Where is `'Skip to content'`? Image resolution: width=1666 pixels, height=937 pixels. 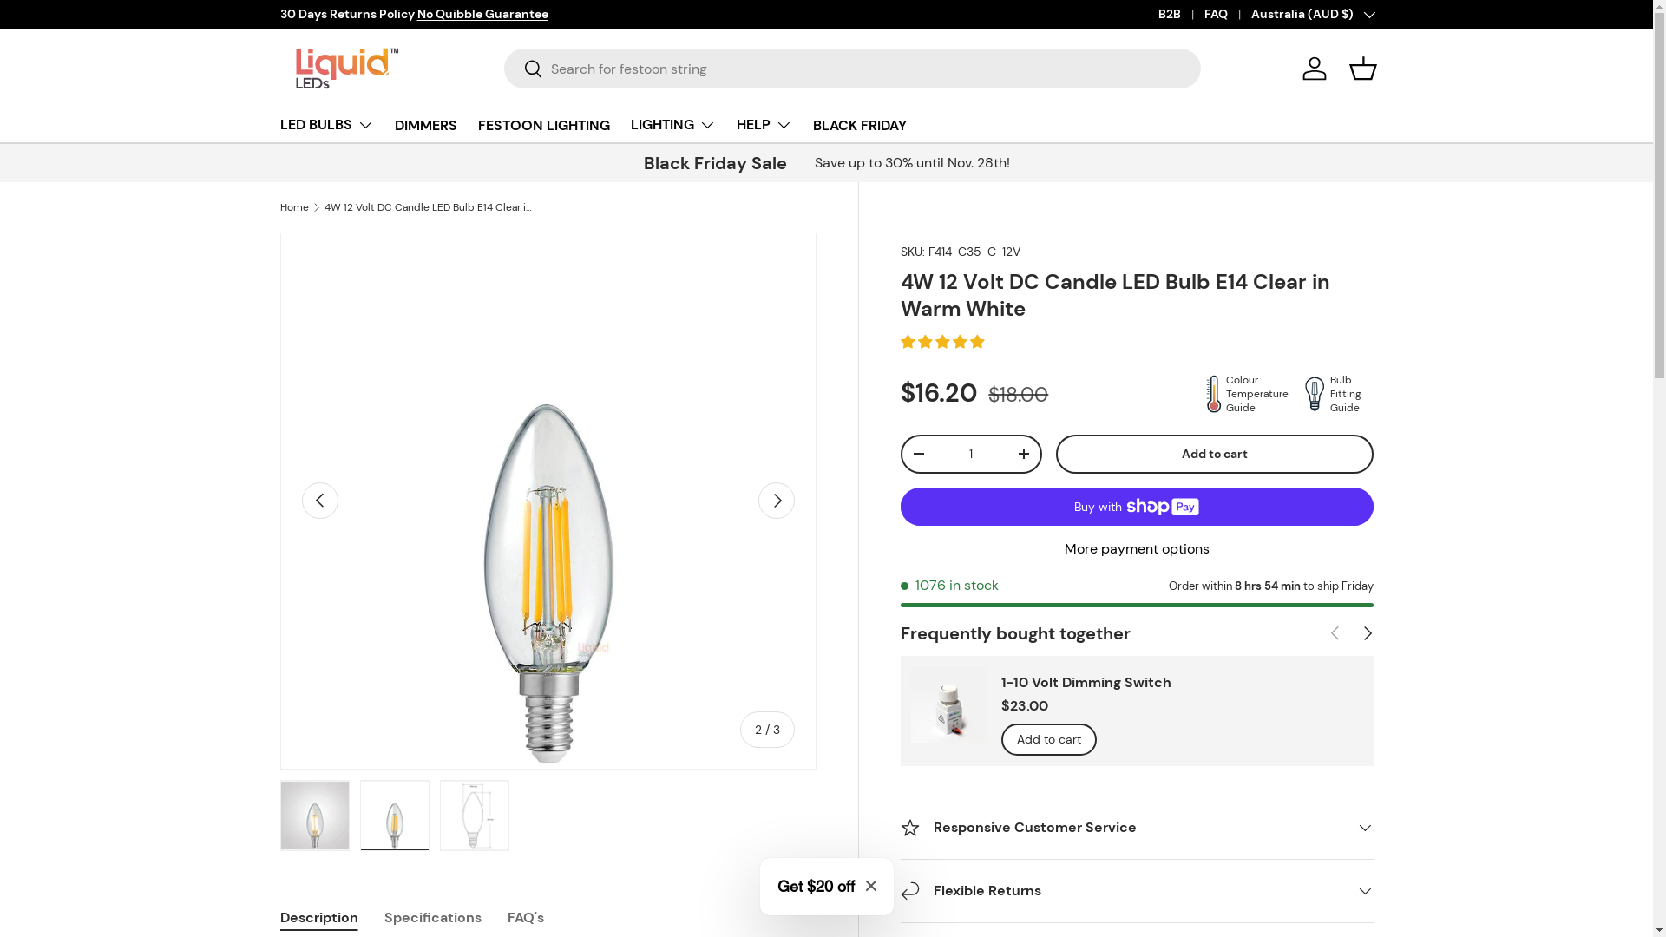
'Skip to content' is located at coordinates (78, 25).